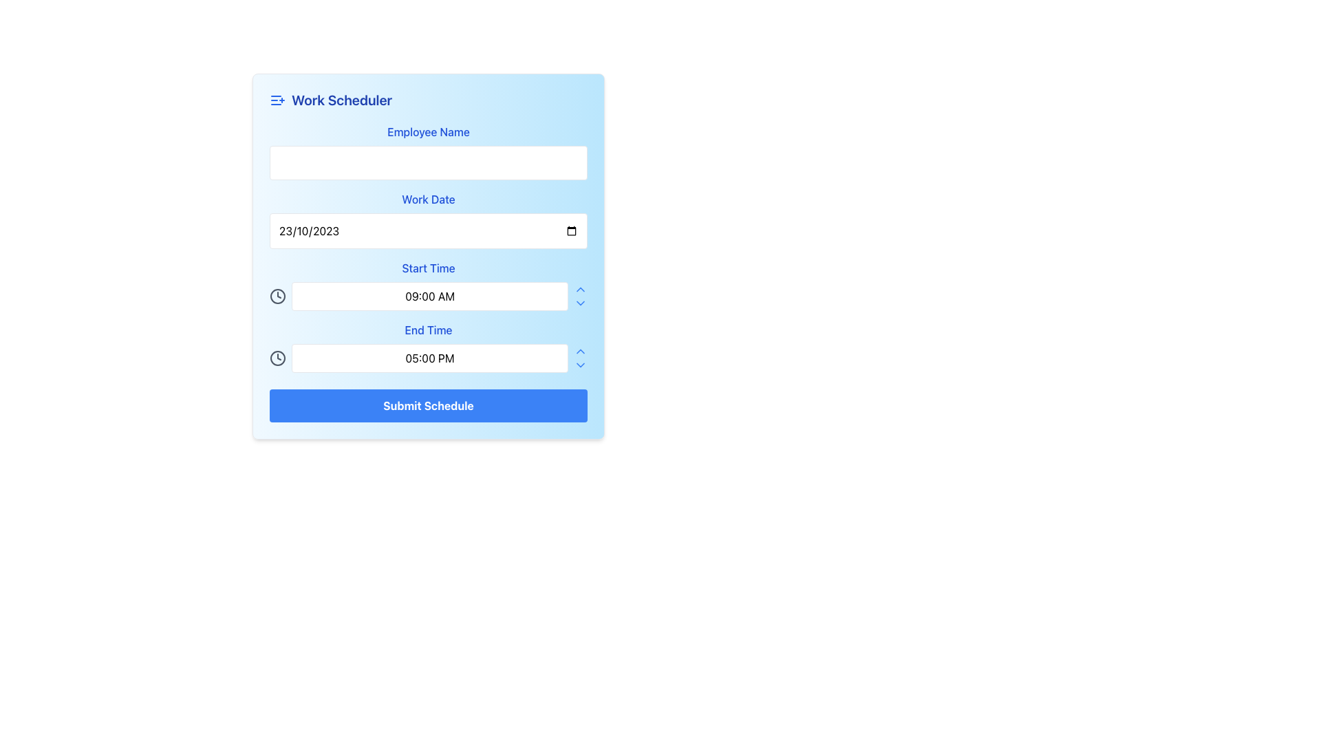 The height and width of the screenshot is (743, 1321). Describe the element at coordinates (428, 347) in the screenshot. I see `the Time Input Field` at that location.